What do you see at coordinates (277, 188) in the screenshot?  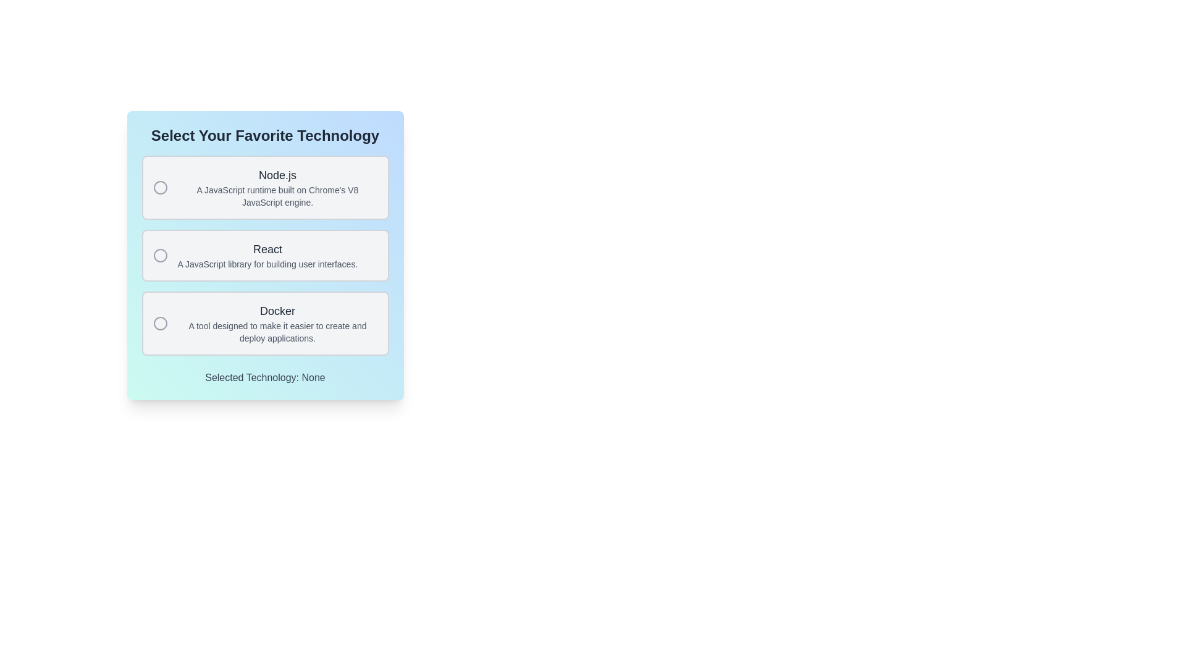 I see `informational text about 'Node.js' located at the top of the selectable list of technologies beneath the main heading 'Select Your Favorite Technology'` at bounding box center [277, 188].